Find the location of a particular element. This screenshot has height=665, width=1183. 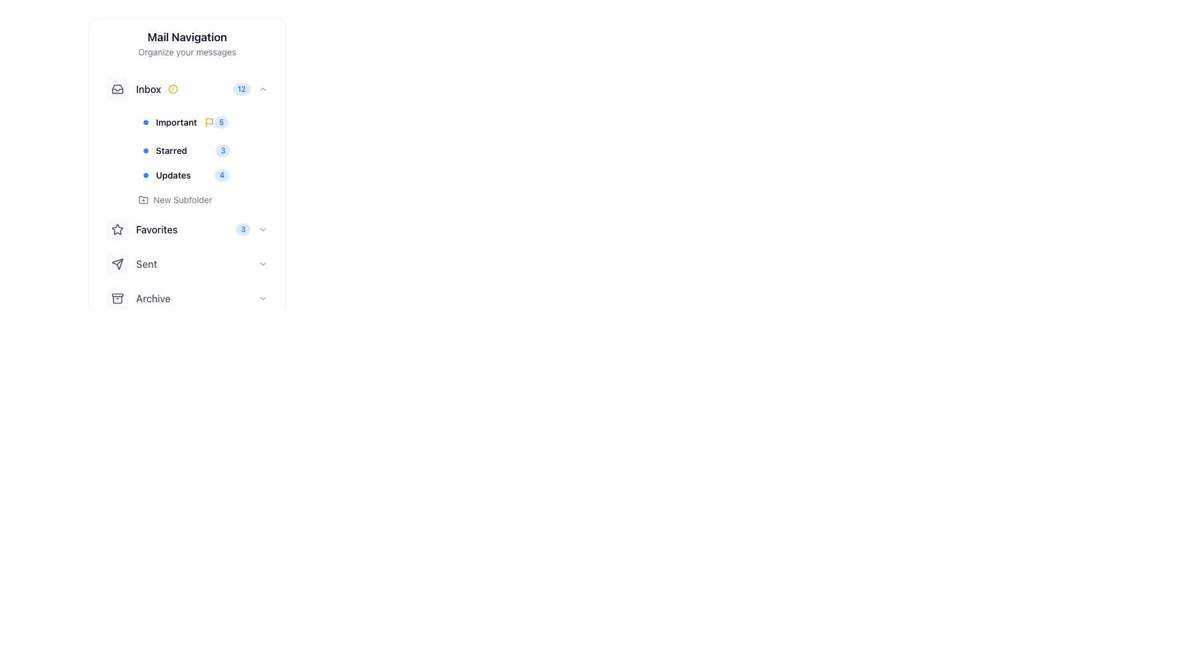

the clickable navigation item in the 'Favorites' section that leads to the 'Sent' messages or options related to the 'Sent' folder is located at coordinates (186, 263).